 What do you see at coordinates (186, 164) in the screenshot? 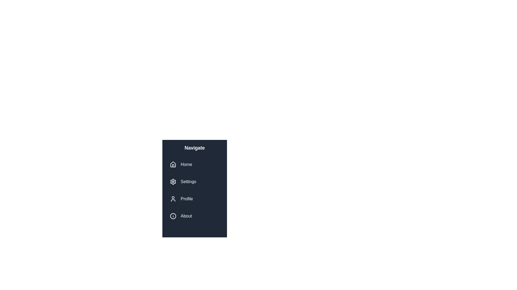
I see `the 'Home' text label in the navigation sidebar` at bounding box center [186, 164].